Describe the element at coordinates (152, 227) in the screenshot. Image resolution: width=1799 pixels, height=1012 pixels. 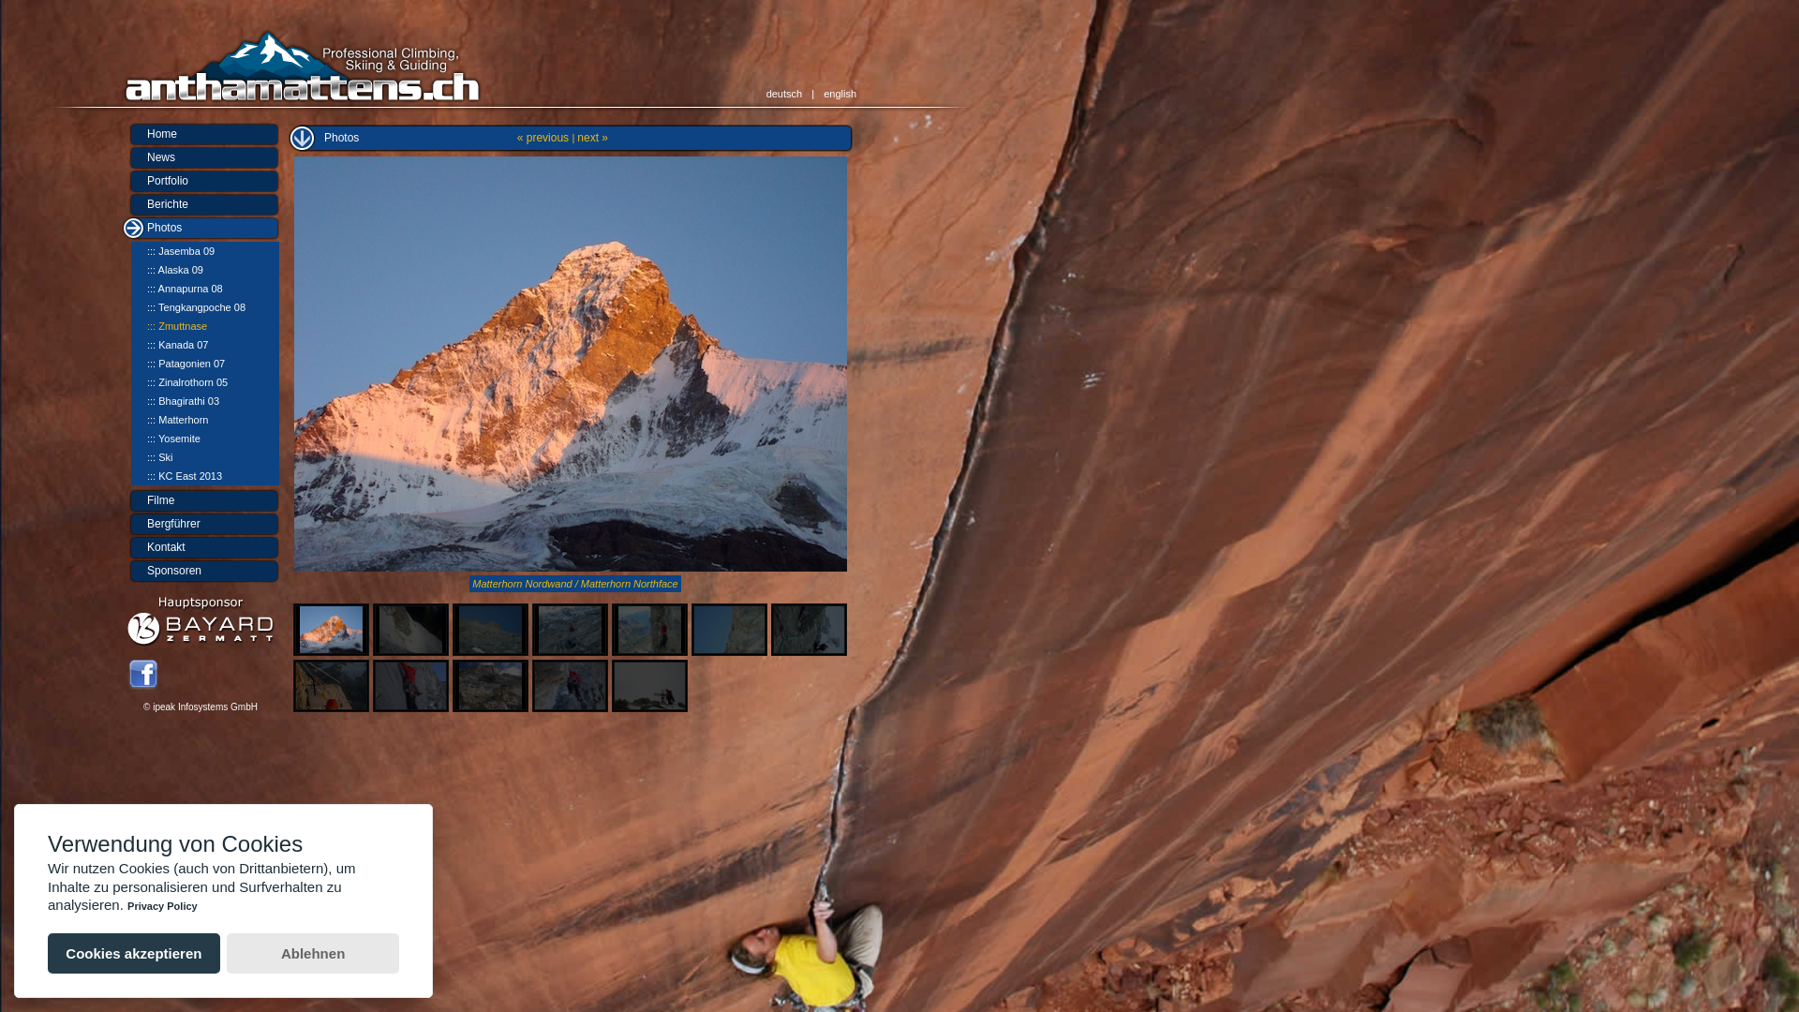
I see `'Photos'` at that location.